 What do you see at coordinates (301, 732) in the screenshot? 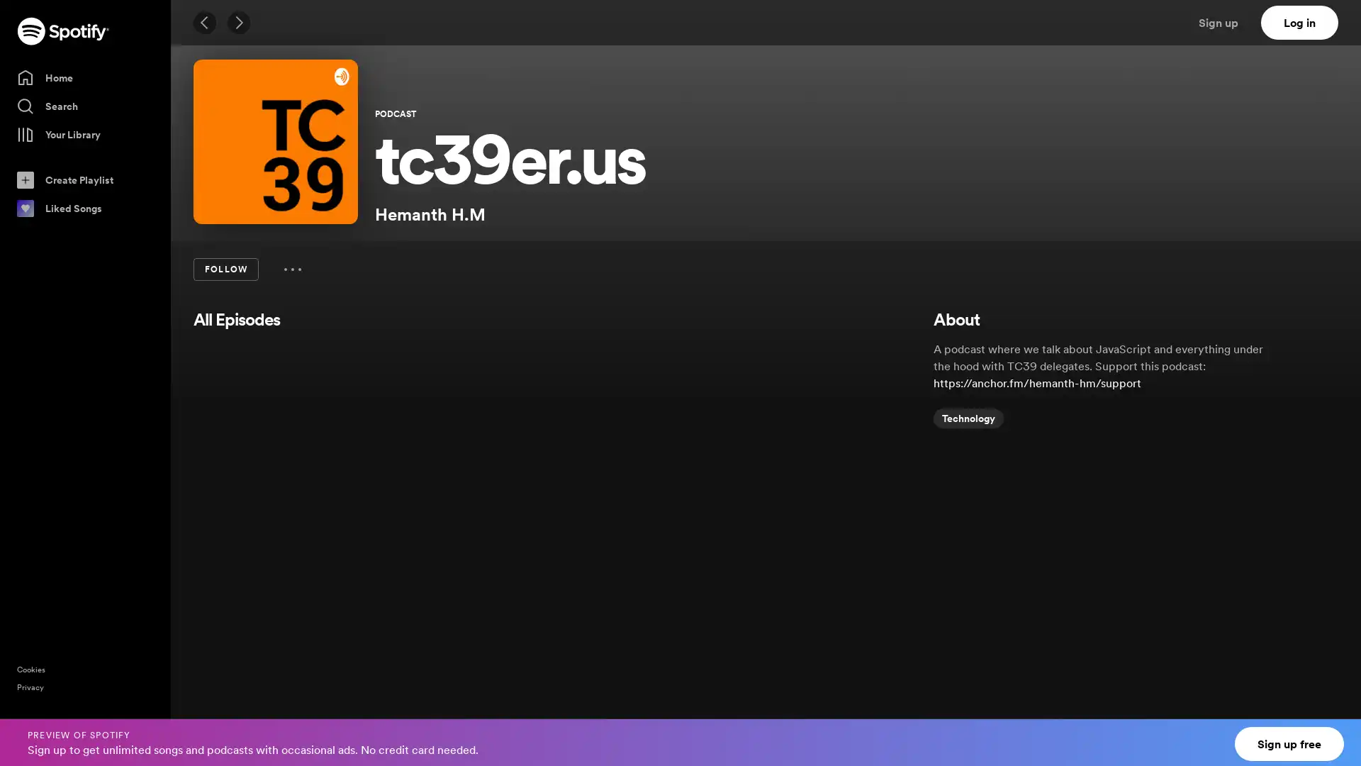
I see `Play J. S. Choi, MD by tc39er.us` at bounding box center [301, 732].